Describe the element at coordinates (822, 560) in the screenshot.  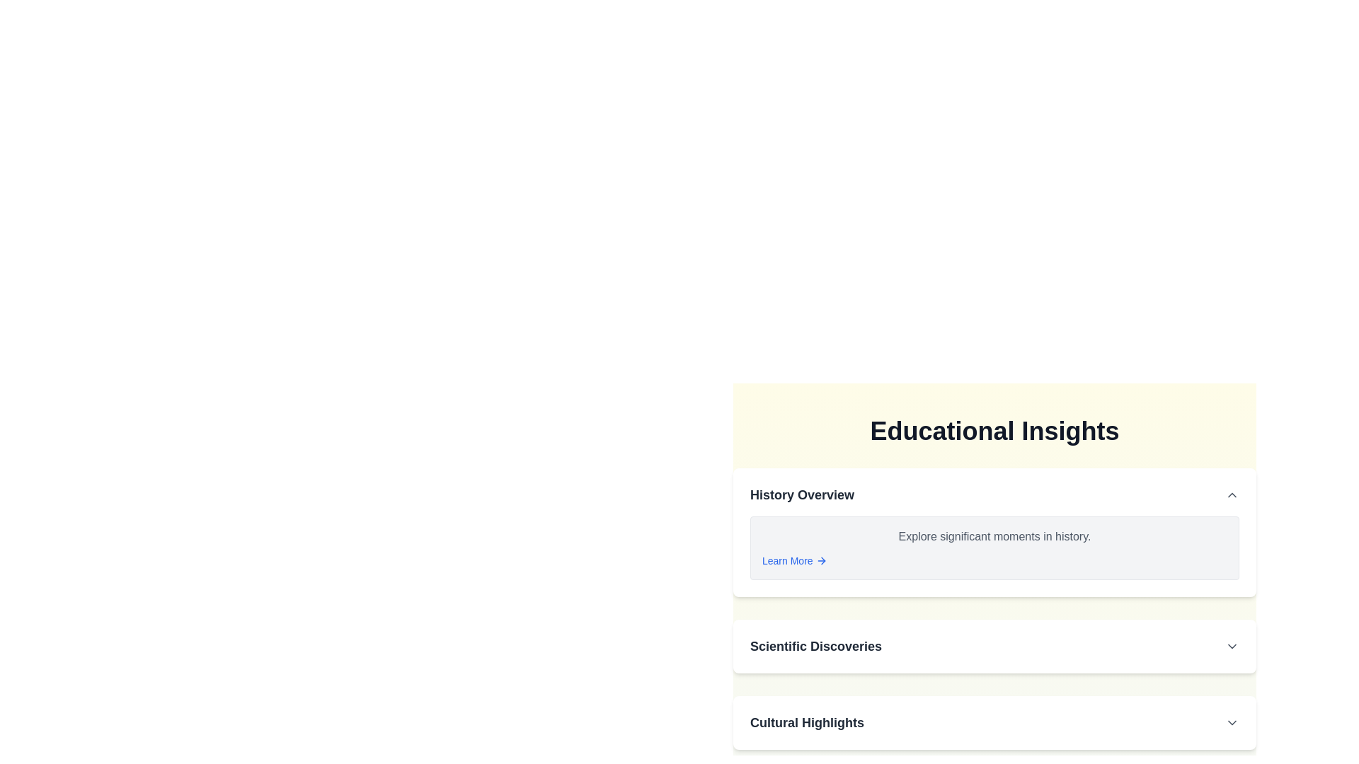
I see `the SVG chevron arrow icon that indicates further navigation, located after the 'Learn More' text link in the 'History Overview' section` at that location.